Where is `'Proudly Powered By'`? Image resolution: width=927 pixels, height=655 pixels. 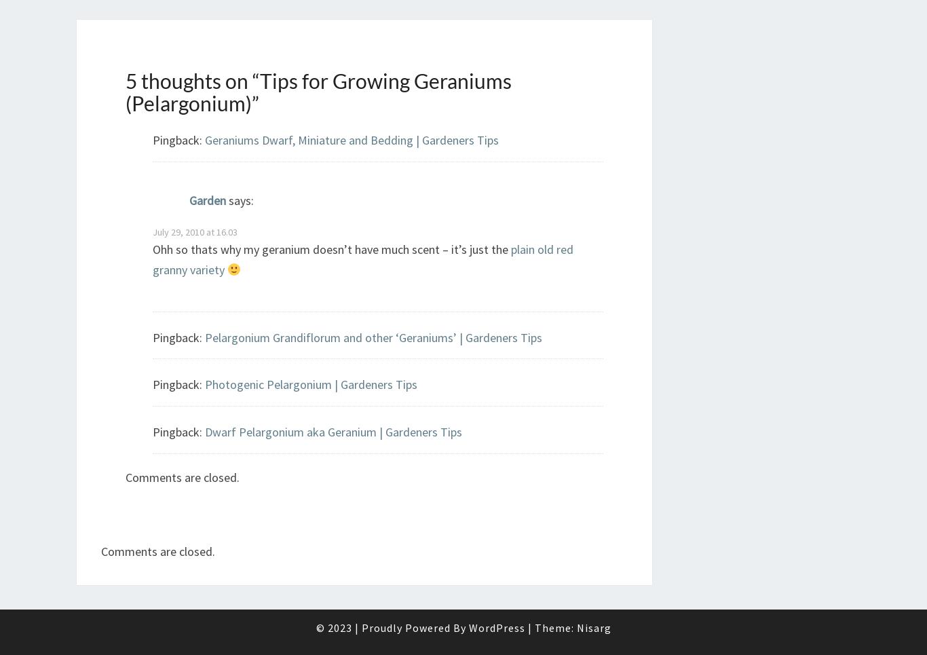
'Proudly Powered By' is located at coordinates (361, 626).